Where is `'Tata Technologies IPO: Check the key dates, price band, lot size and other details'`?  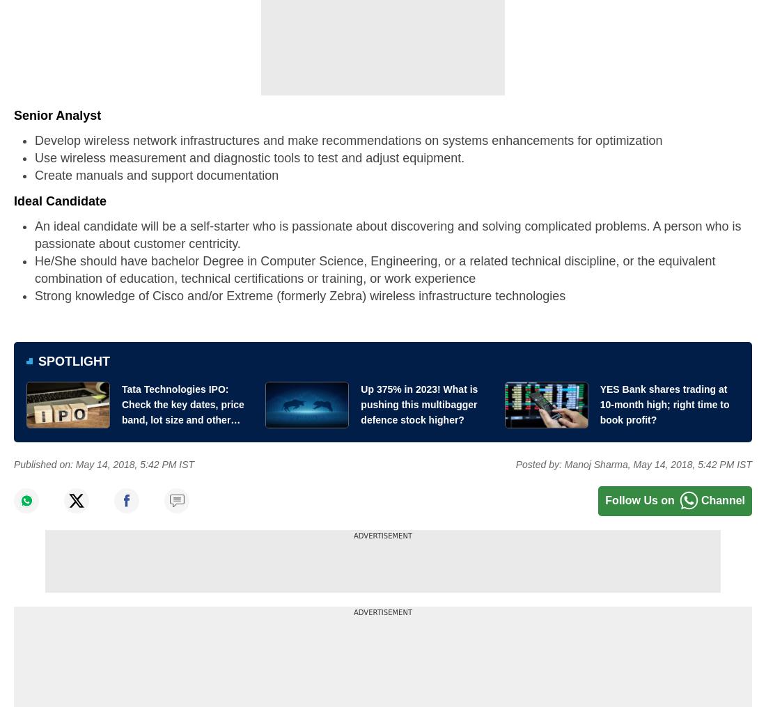
'Tata Technologies IPO: Check the key dates, price band, lot size and other details' is located at coordinates (182, 411).